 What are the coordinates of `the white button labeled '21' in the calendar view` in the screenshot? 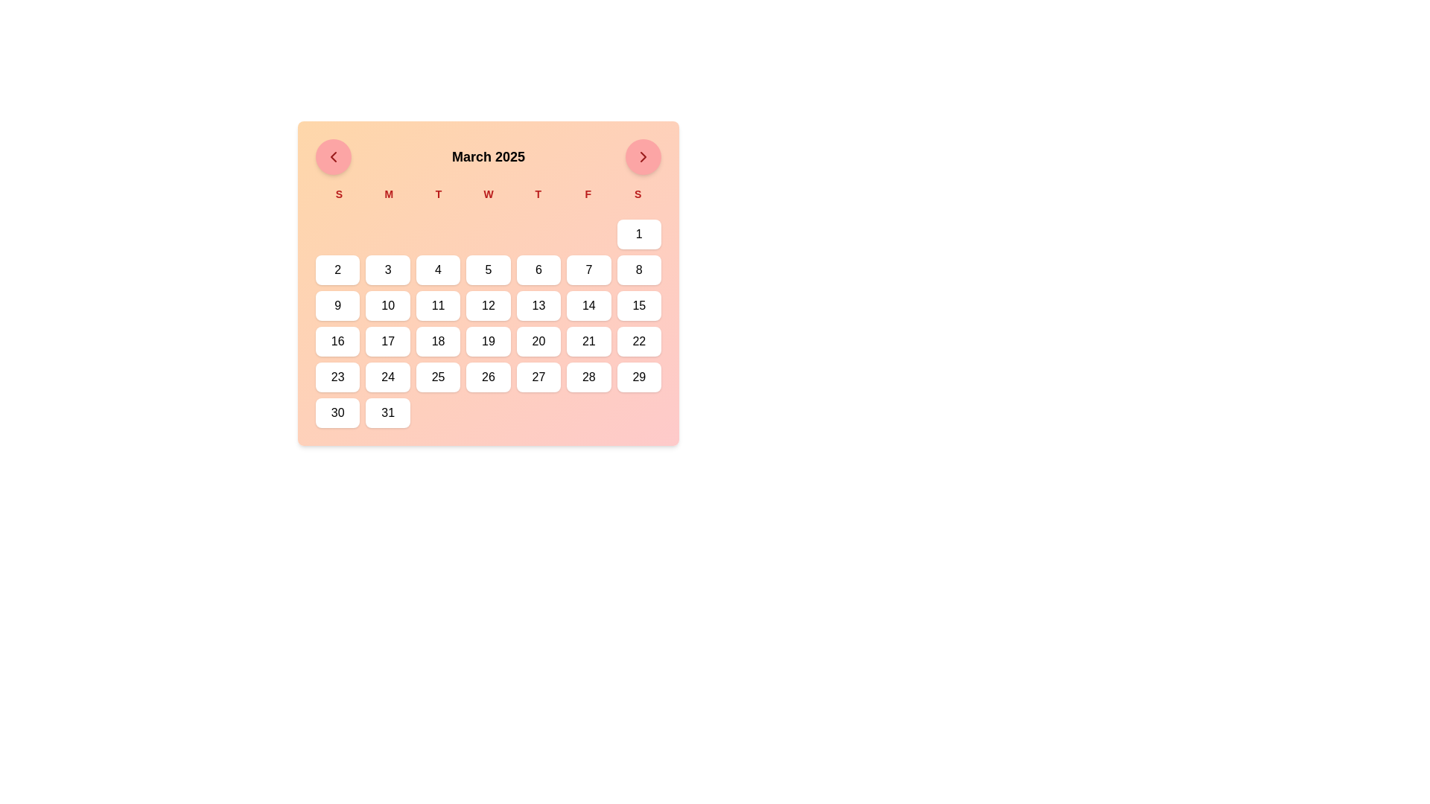 It's located at (588, 342).